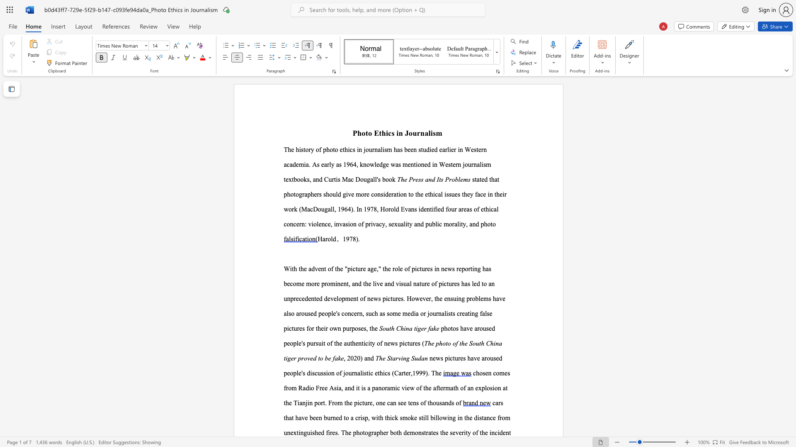 The image size is (796, 447). What do you see at coordinates (435, 209) in the screenshot?
I see `the subset text "ie" within the text "identified"` at bounding box center [435, 209].